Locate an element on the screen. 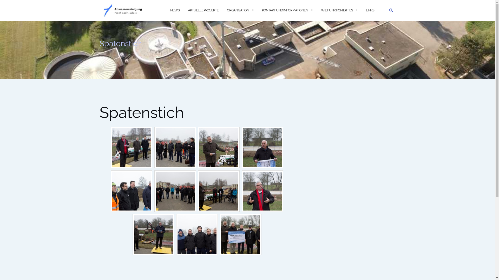  'LINKS' is located at coordinates (370, 10).